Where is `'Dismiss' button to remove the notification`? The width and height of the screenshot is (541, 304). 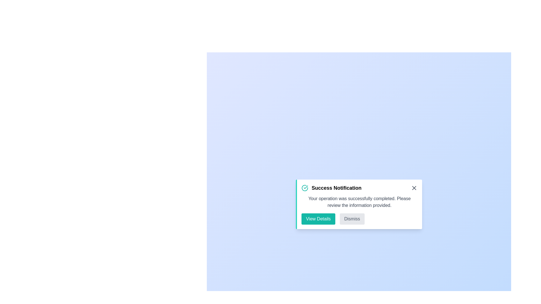 'Dismiss' button to remove the notification is located at coordinates (352, 219).